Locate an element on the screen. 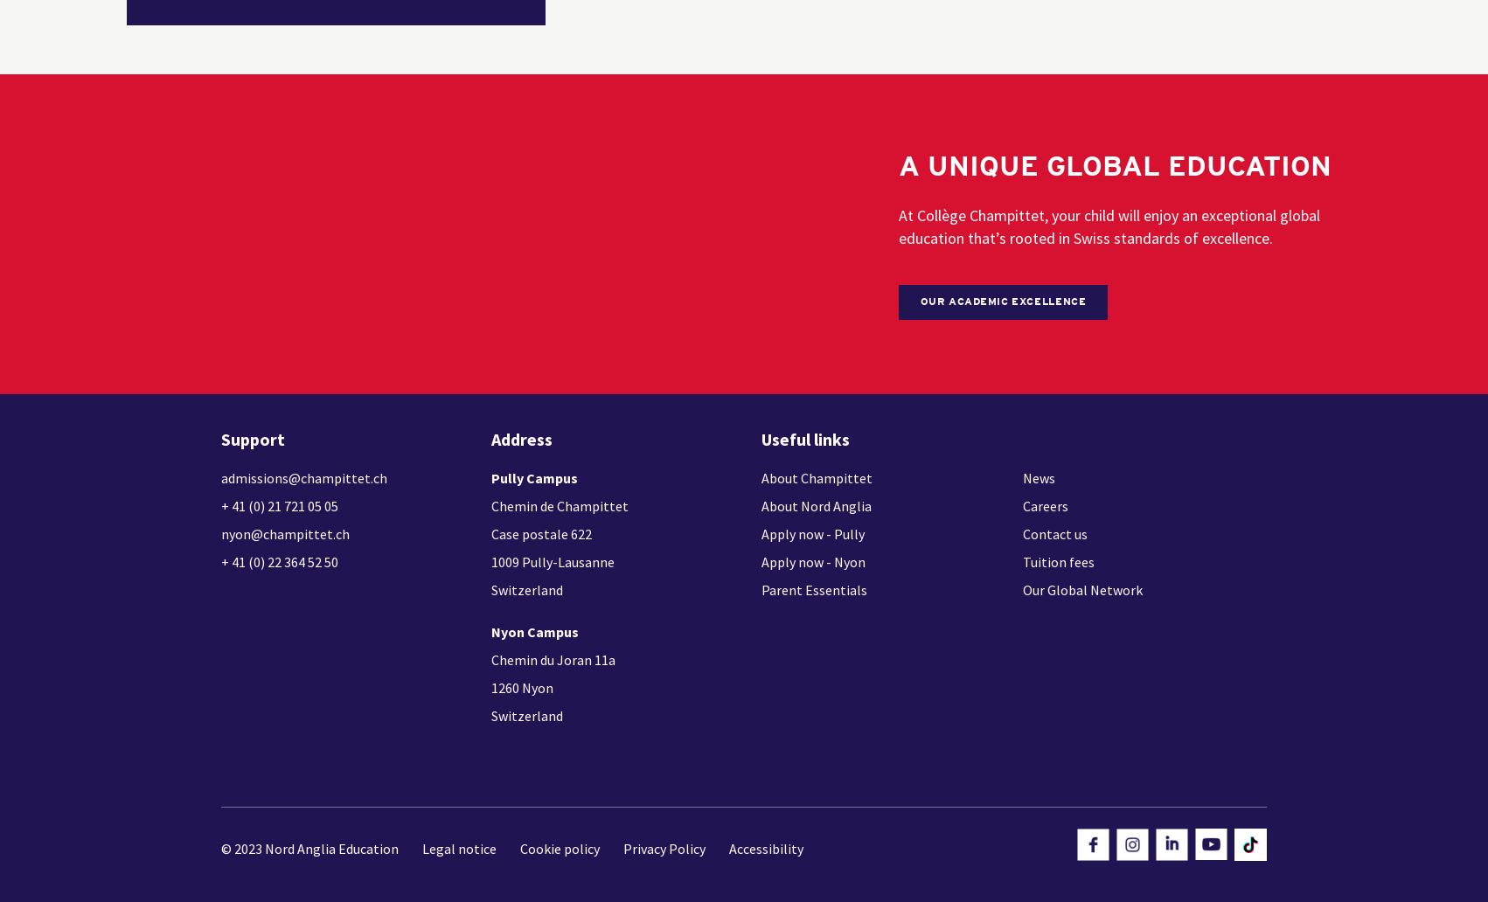  'Cookie policy' is located at coordinates (560, 846).